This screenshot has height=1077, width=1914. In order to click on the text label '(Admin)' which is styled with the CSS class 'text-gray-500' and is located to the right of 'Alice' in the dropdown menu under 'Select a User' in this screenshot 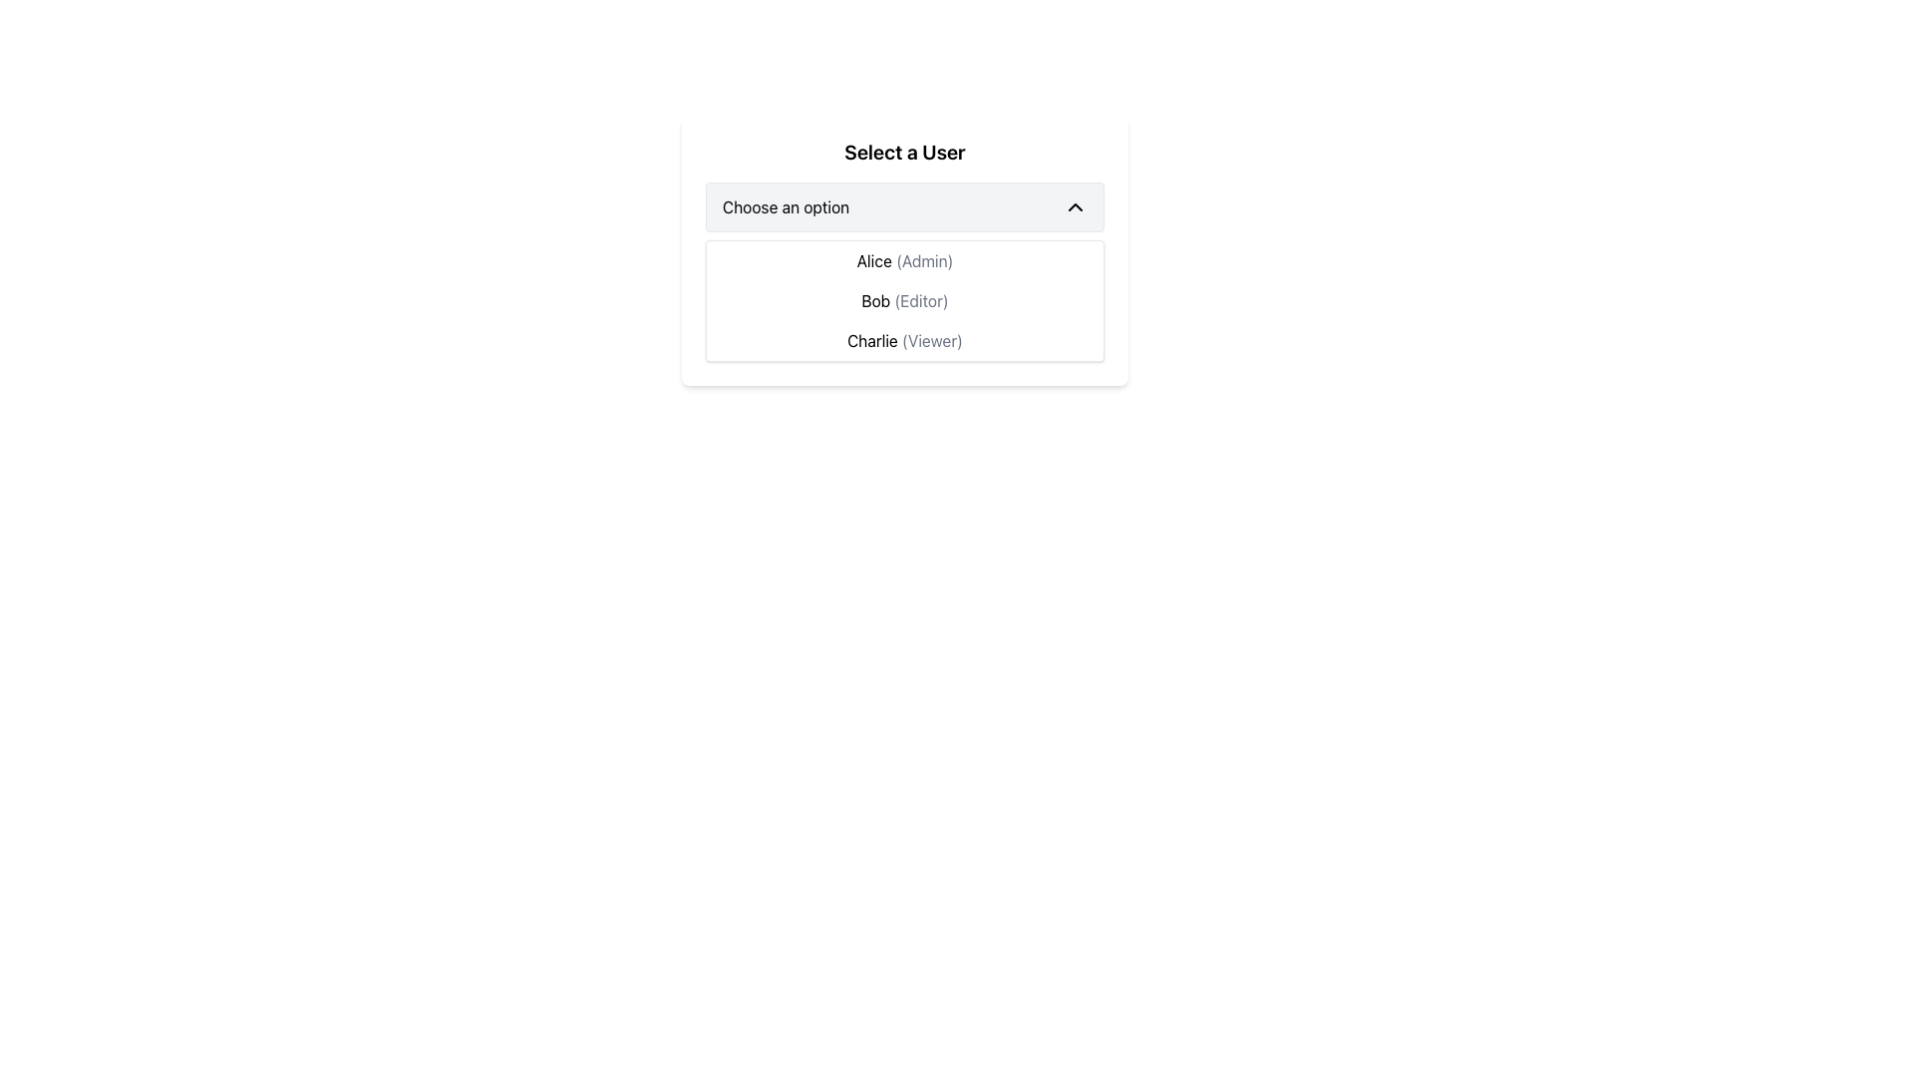, I will do `click(923, 260)`.